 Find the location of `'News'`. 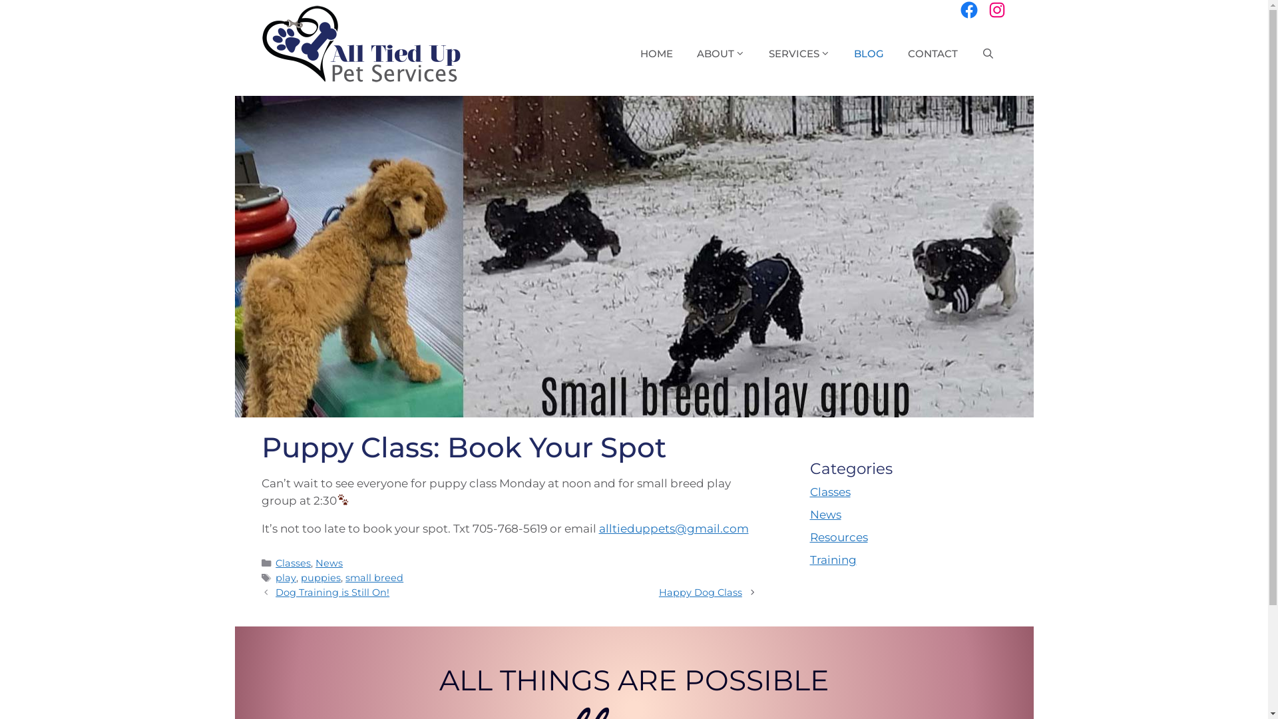

'News' is located at coordinates (329, 563).